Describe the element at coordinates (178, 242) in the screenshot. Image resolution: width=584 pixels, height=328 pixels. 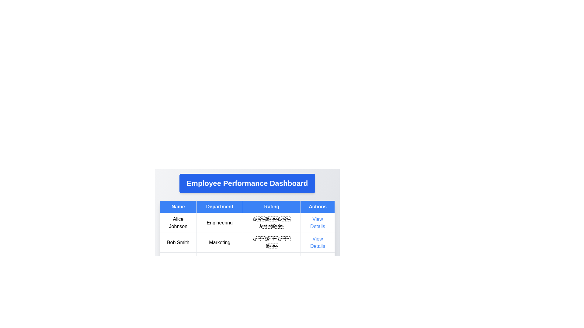
I see `the text label displaying 'Bob Smith' in the first column of the second row of the employee table for visual identification` at that location.